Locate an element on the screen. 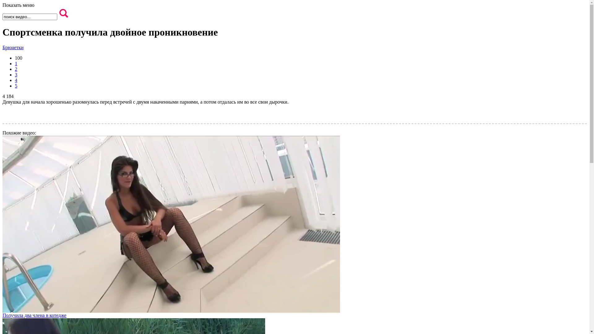 Image resolution: width=594 pixels, height=334 pixels. '4' is located at coordinates (15, 80).